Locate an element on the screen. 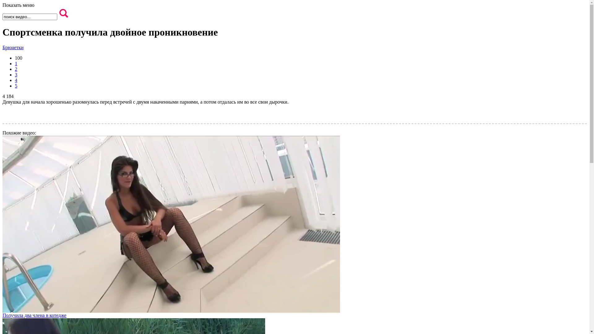 Image resolution: width=594 pixels, height=334 pixels. '4' is located at coordinates (15, 80).